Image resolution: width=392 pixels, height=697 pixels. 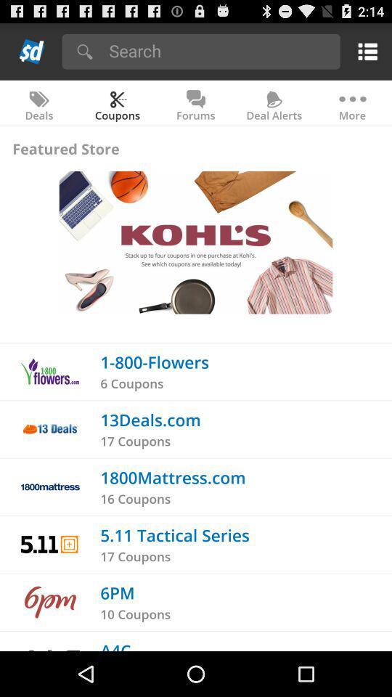 I want to click on the icon below the 10 coupons item, so click(x=115, y=645).